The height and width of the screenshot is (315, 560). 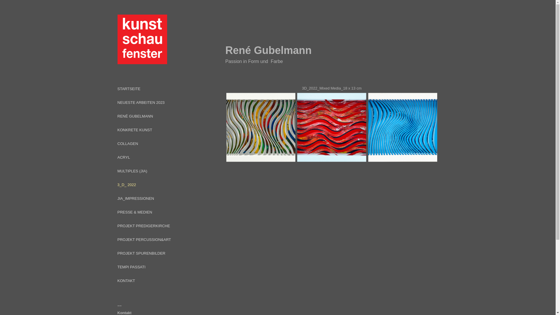 I want to click on '3_D_ 2022', so click(x=126, y=185).